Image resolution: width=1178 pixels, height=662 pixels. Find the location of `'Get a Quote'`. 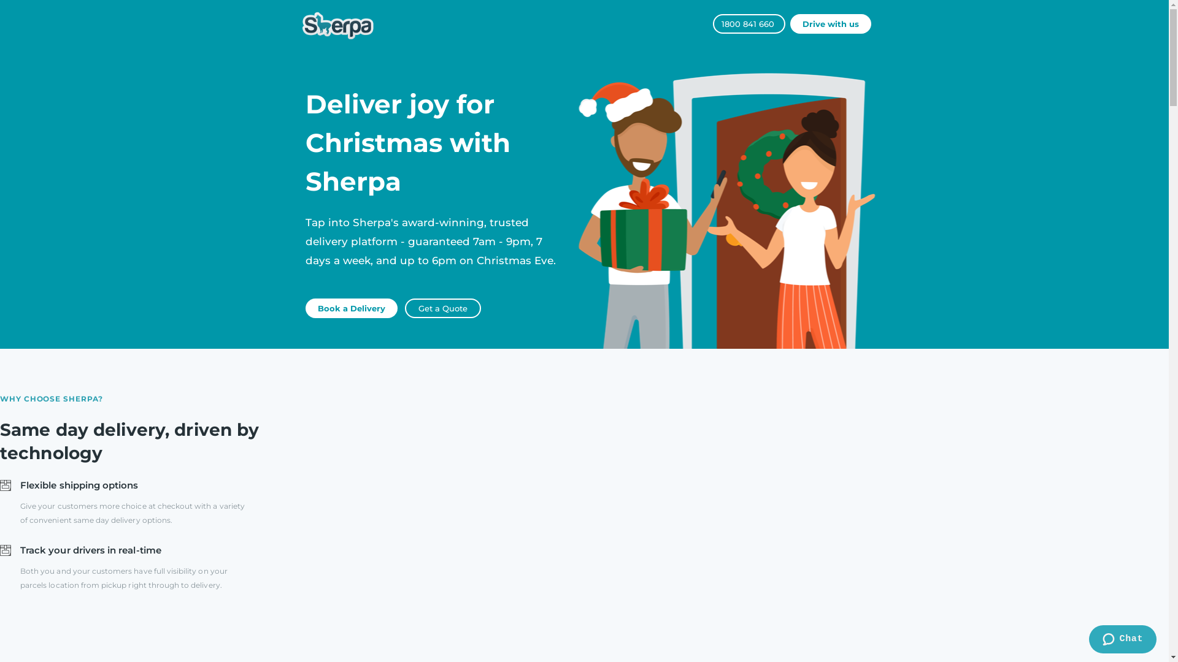

'Get a Quote' is located at coordinates (442, 307).